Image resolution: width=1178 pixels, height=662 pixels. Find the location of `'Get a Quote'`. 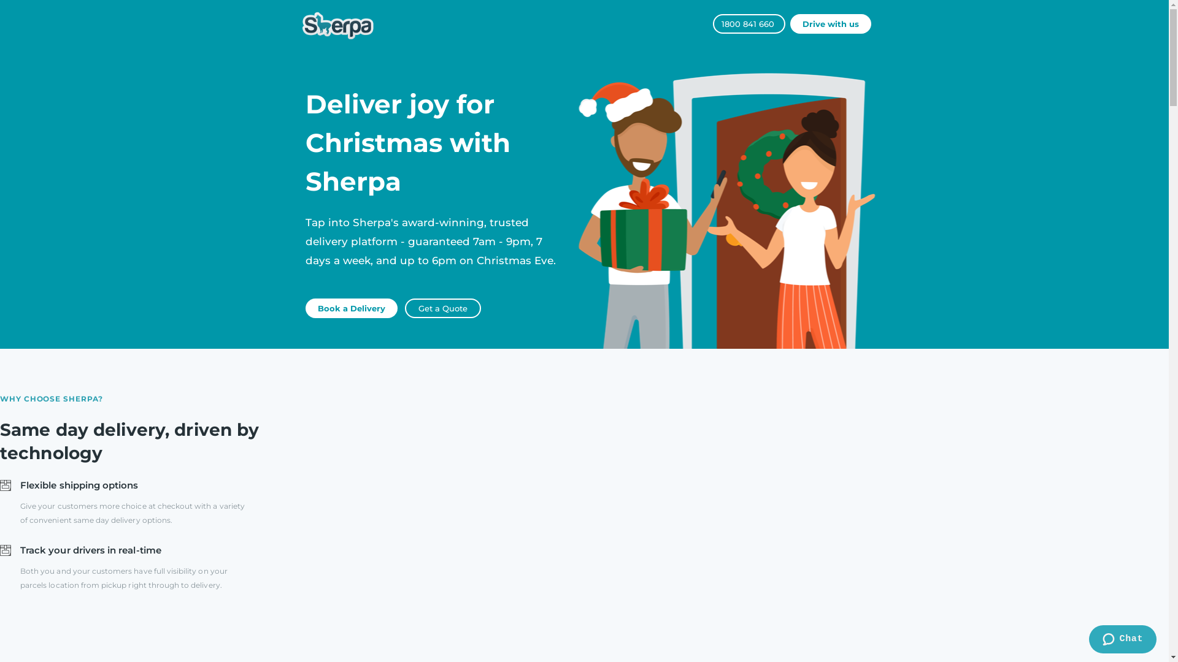

'Get a Quote' is located at coordinates (442, 307).